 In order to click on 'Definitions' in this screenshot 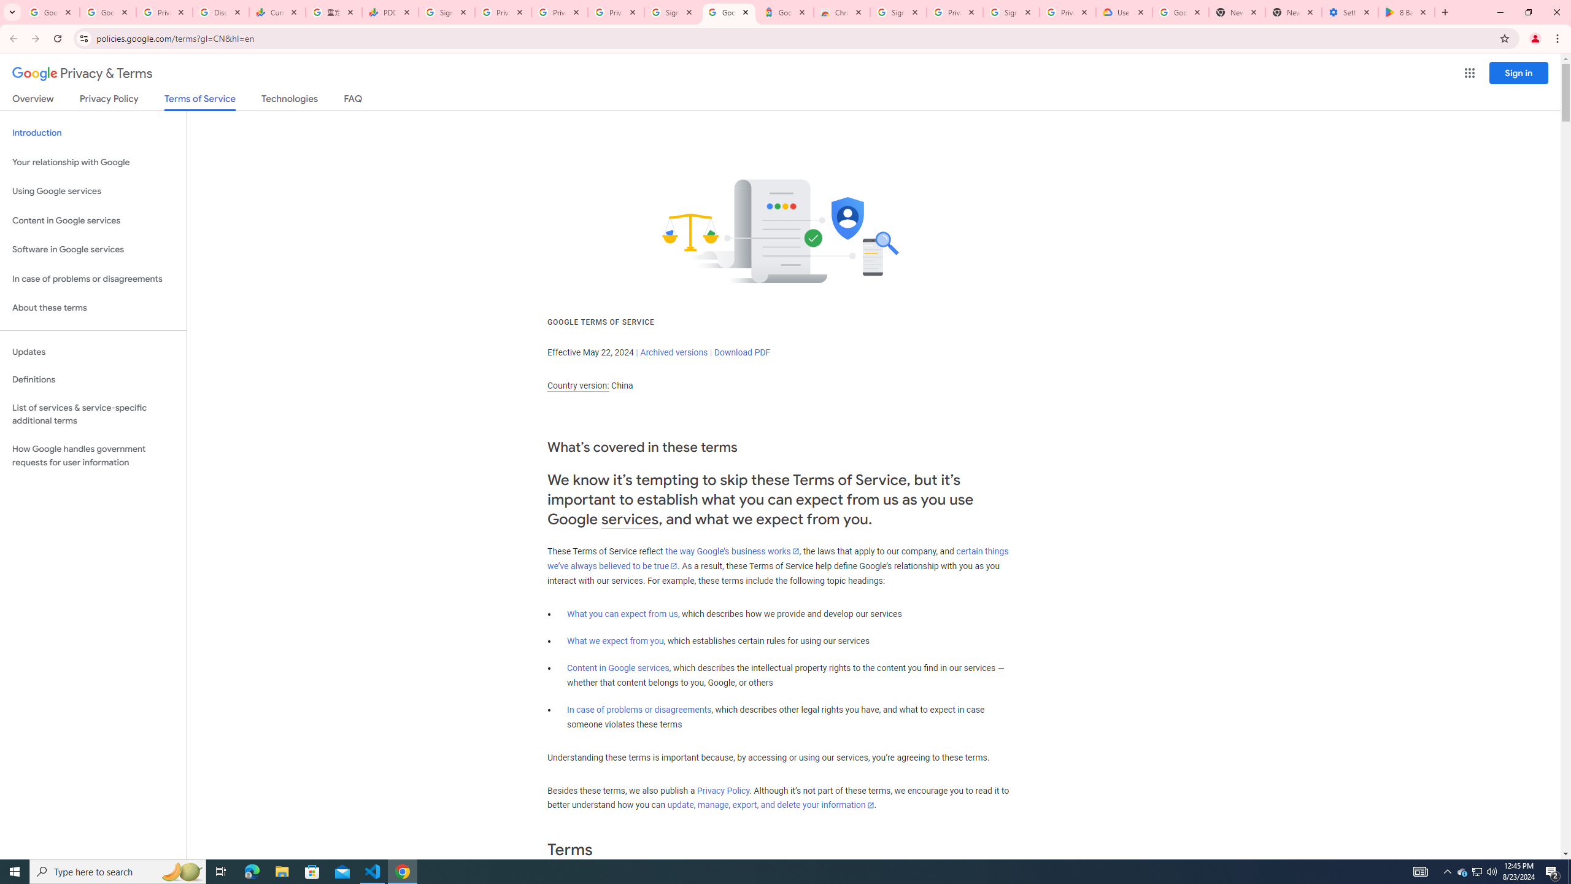, I will do `click(93, 379)`.